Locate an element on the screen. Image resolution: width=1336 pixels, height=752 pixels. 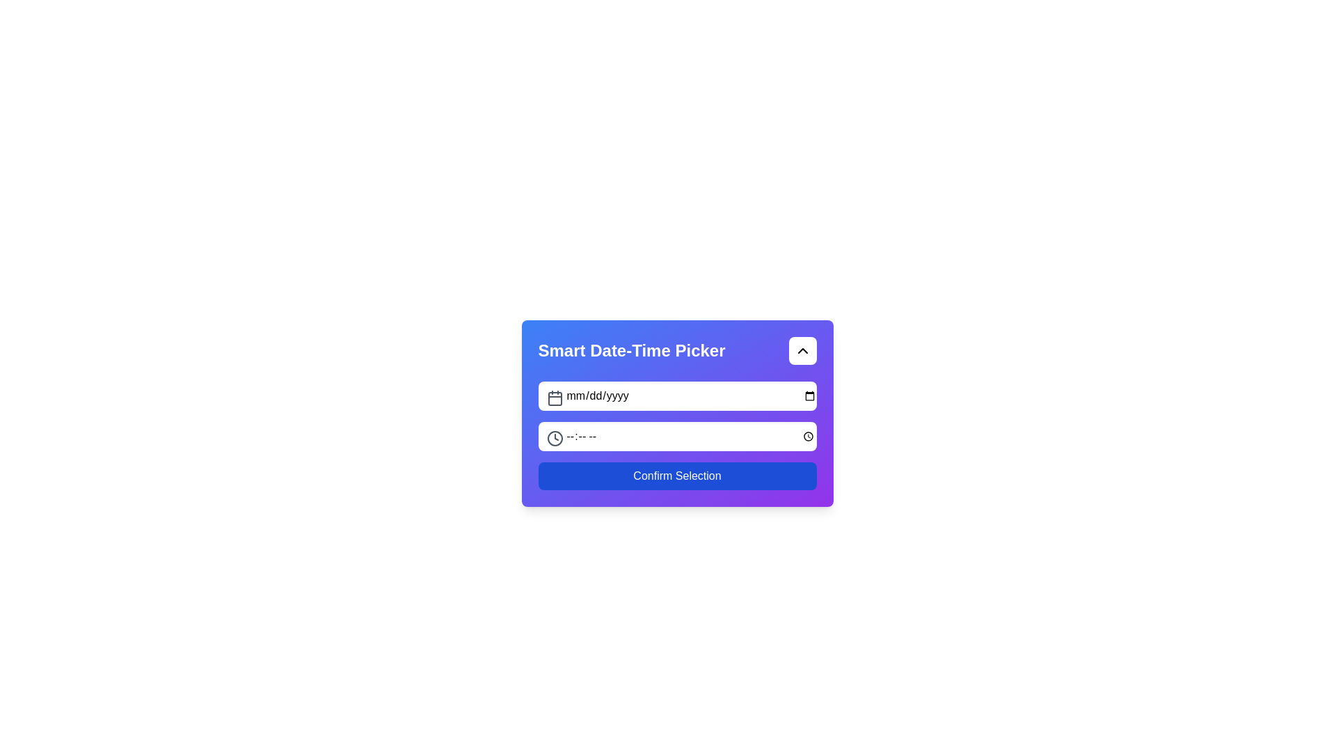
clock icon located on the left side of the time input field in the date-time picker interface for styling or debugging purposes is located at coordinates (554, 437).